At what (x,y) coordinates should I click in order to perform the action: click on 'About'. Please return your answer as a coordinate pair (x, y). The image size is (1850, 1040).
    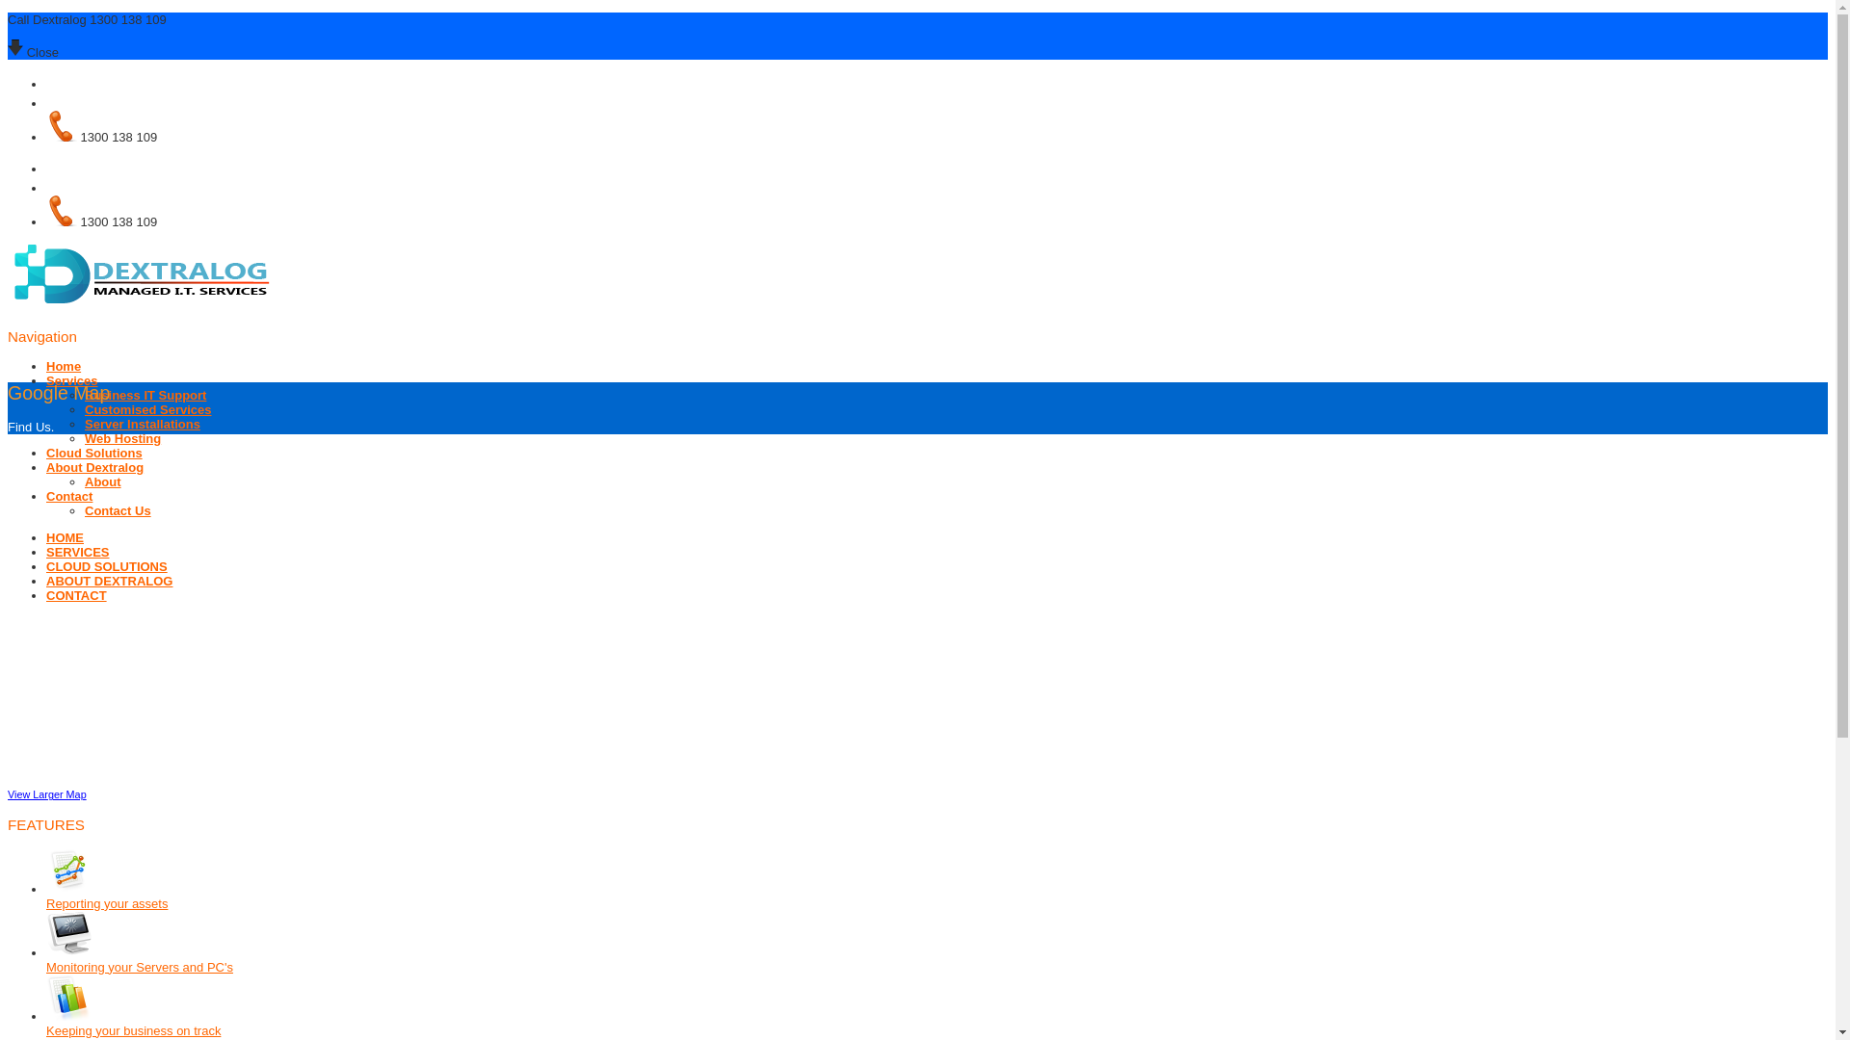
    Looking at the image, I should click on (101, 481).